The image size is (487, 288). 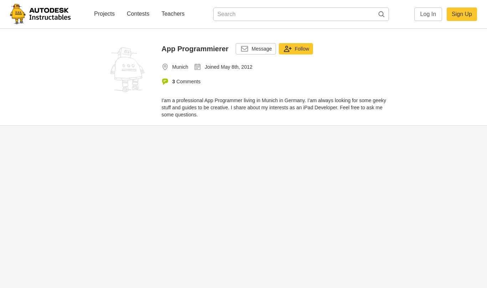 I want to click on 'Sign Up', so click(x=451, y=14).